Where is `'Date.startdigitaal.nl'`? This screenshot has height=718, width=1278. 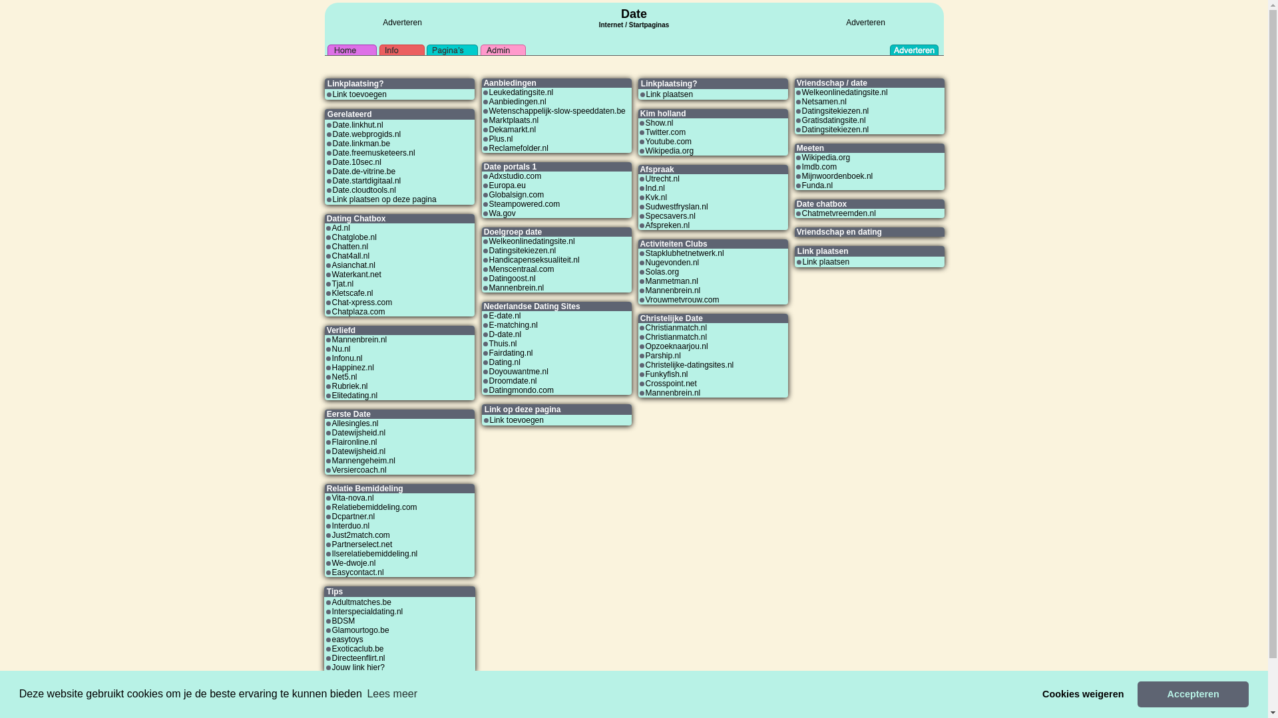 'Date.startdigitaal.nl' is located at coordinates (367, 181).